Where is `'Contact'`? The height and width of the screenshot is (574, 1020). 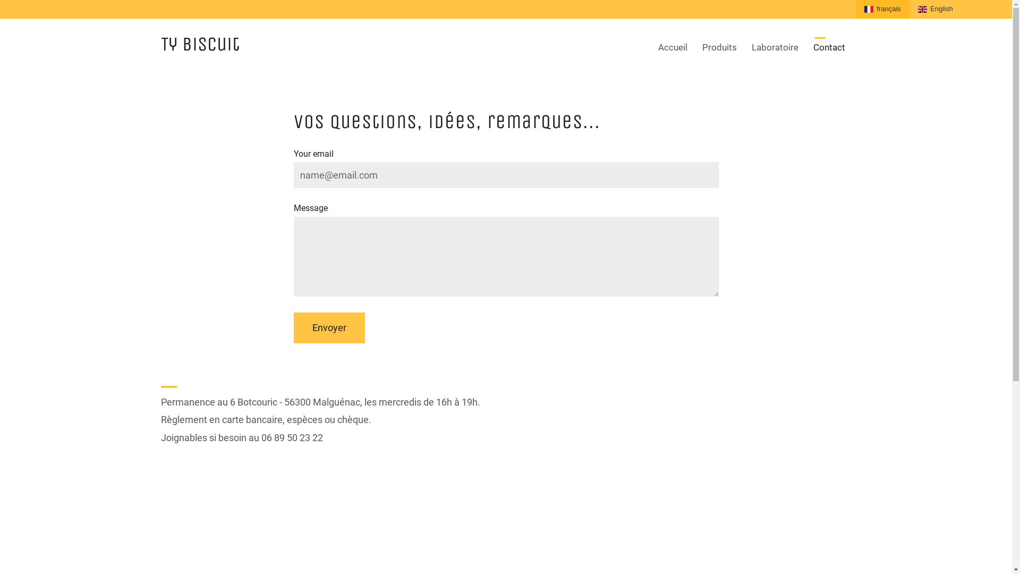 'Contact' is located at coordinates (828, 47).